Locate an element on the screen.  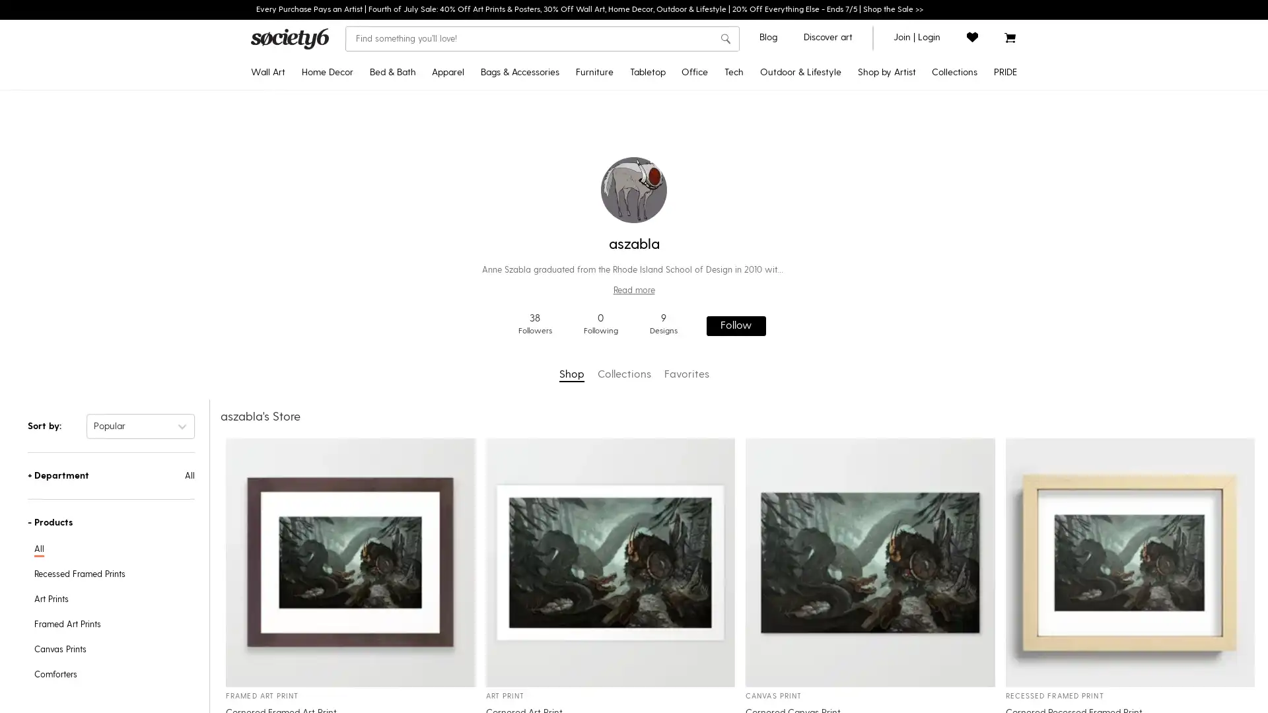
Sheer Curtains is located at coordinates (352, 233).